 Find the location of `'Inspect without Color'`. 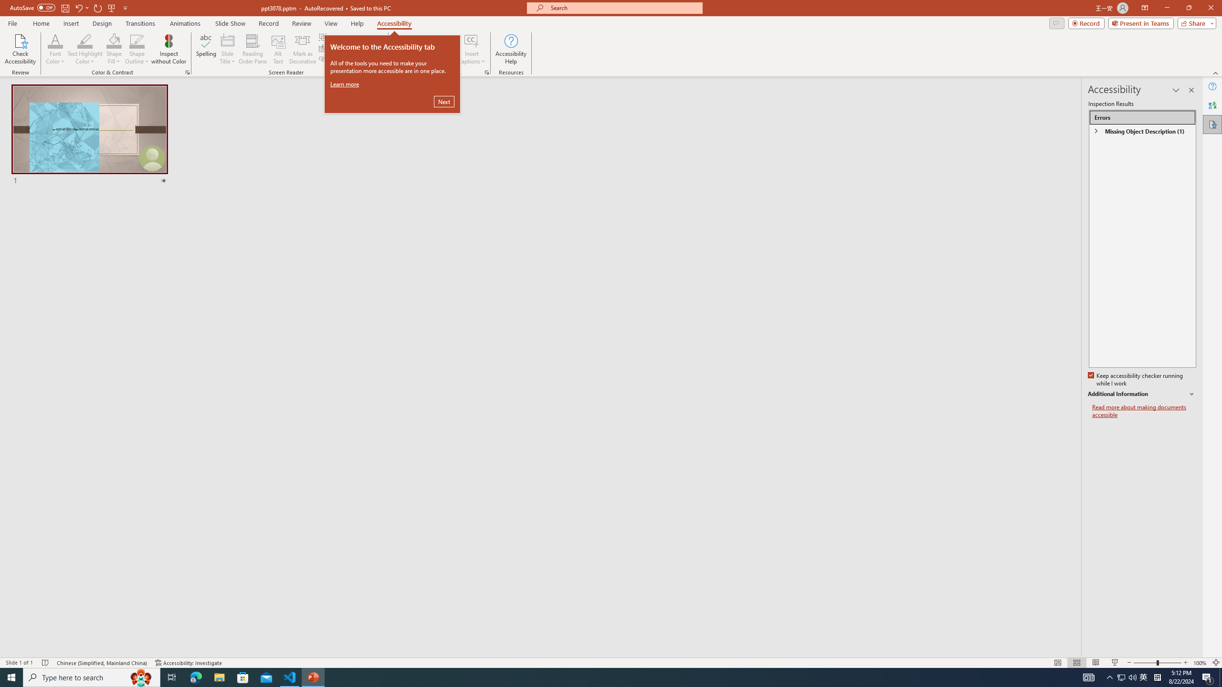

'Inspect without Color' is located at coordinates (169, 49).